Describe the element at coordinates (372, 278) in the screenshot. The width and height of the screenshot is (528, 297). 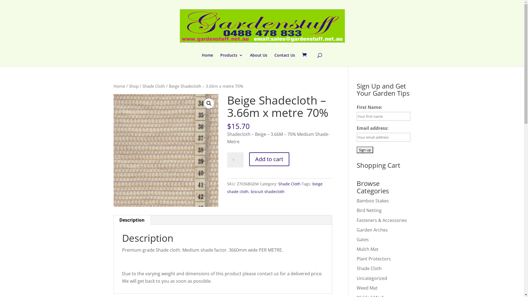
I see `'Uncategorized'` at that location.